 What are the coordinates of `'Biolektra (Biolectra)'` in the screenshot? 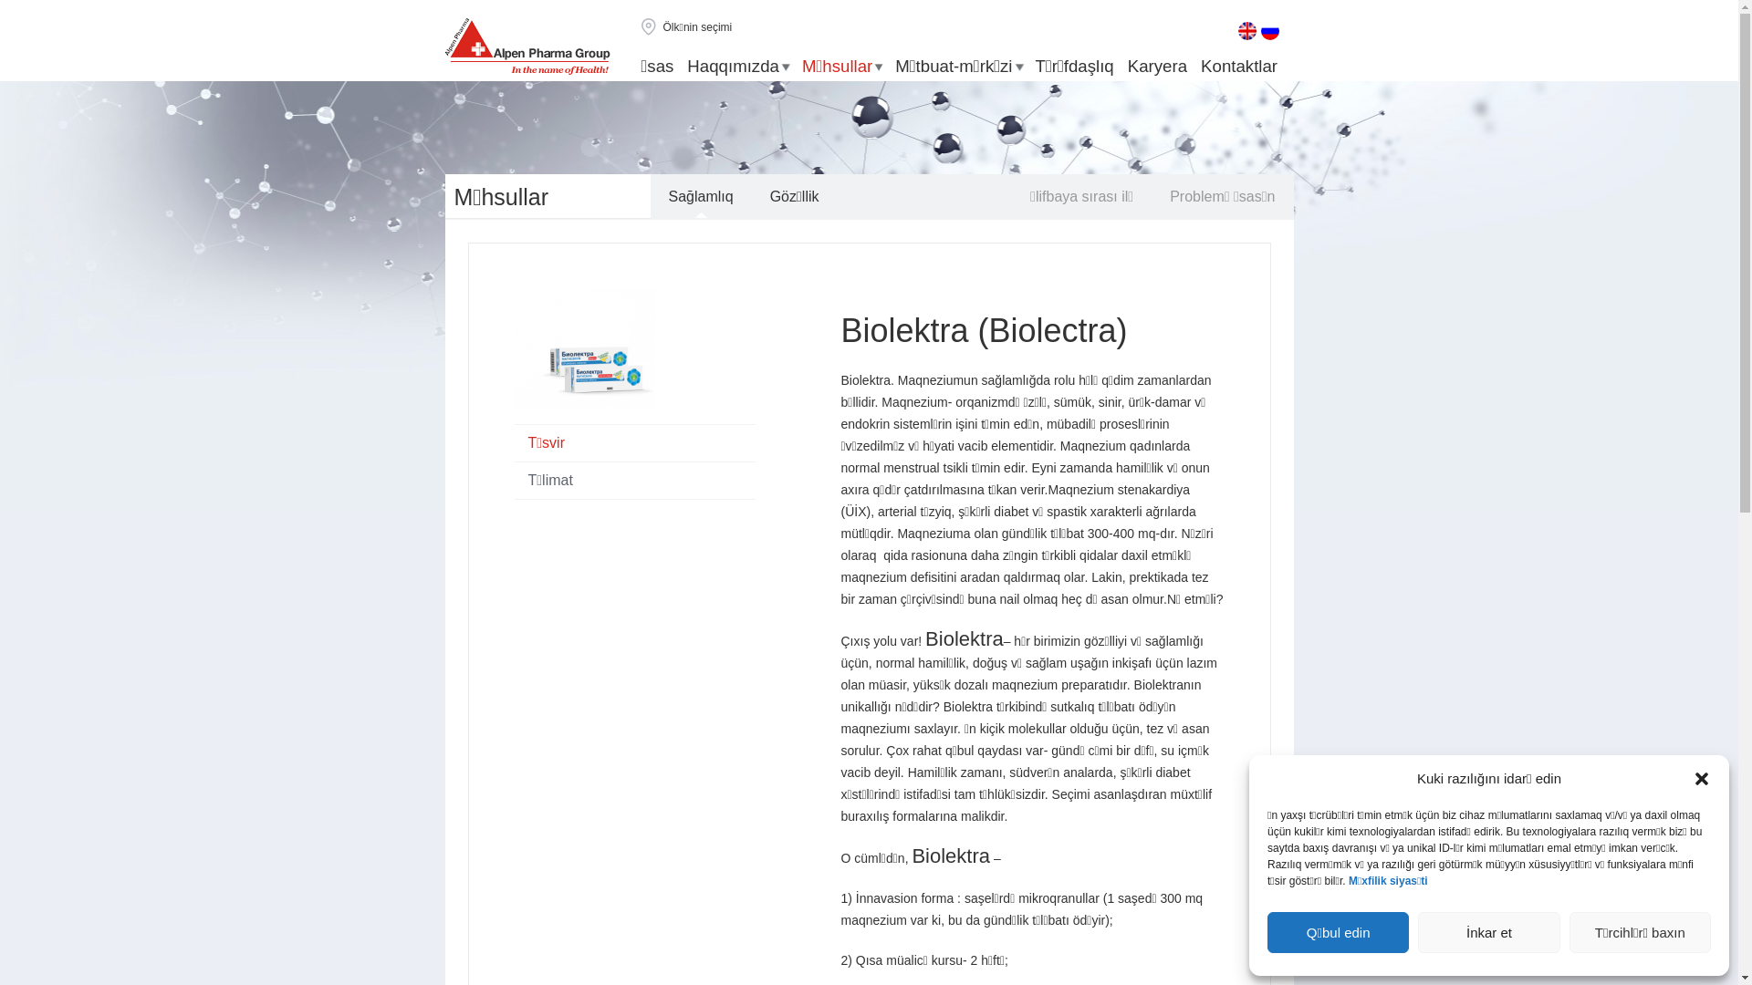 It's located at (839, 330).